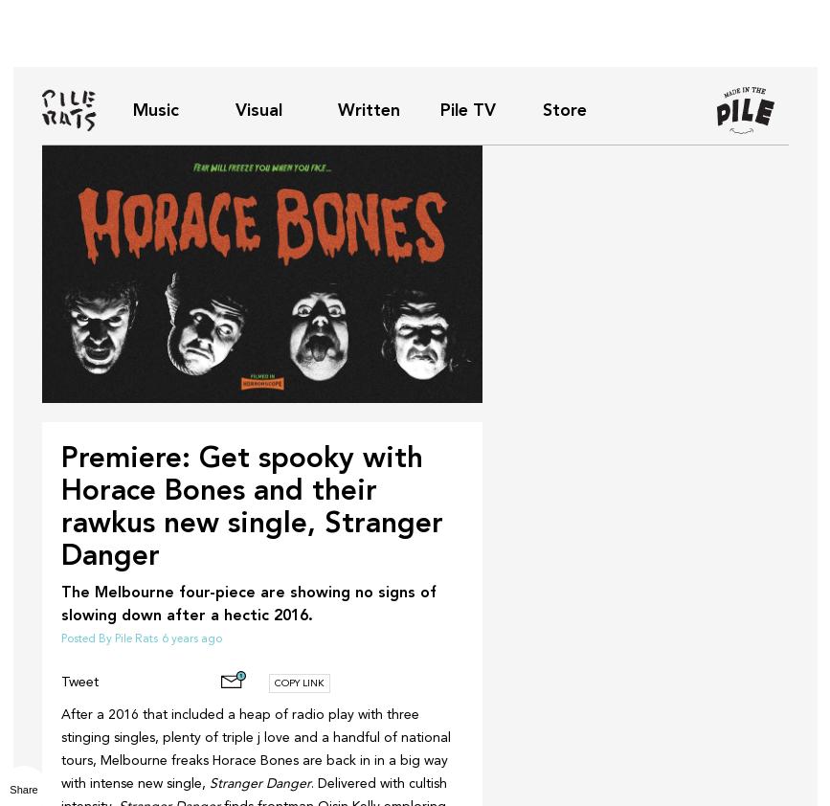  What do you see at coordinates (466, 108) in the screenshot?
I see `'Pile TV'` at bounding box center [466, 108].